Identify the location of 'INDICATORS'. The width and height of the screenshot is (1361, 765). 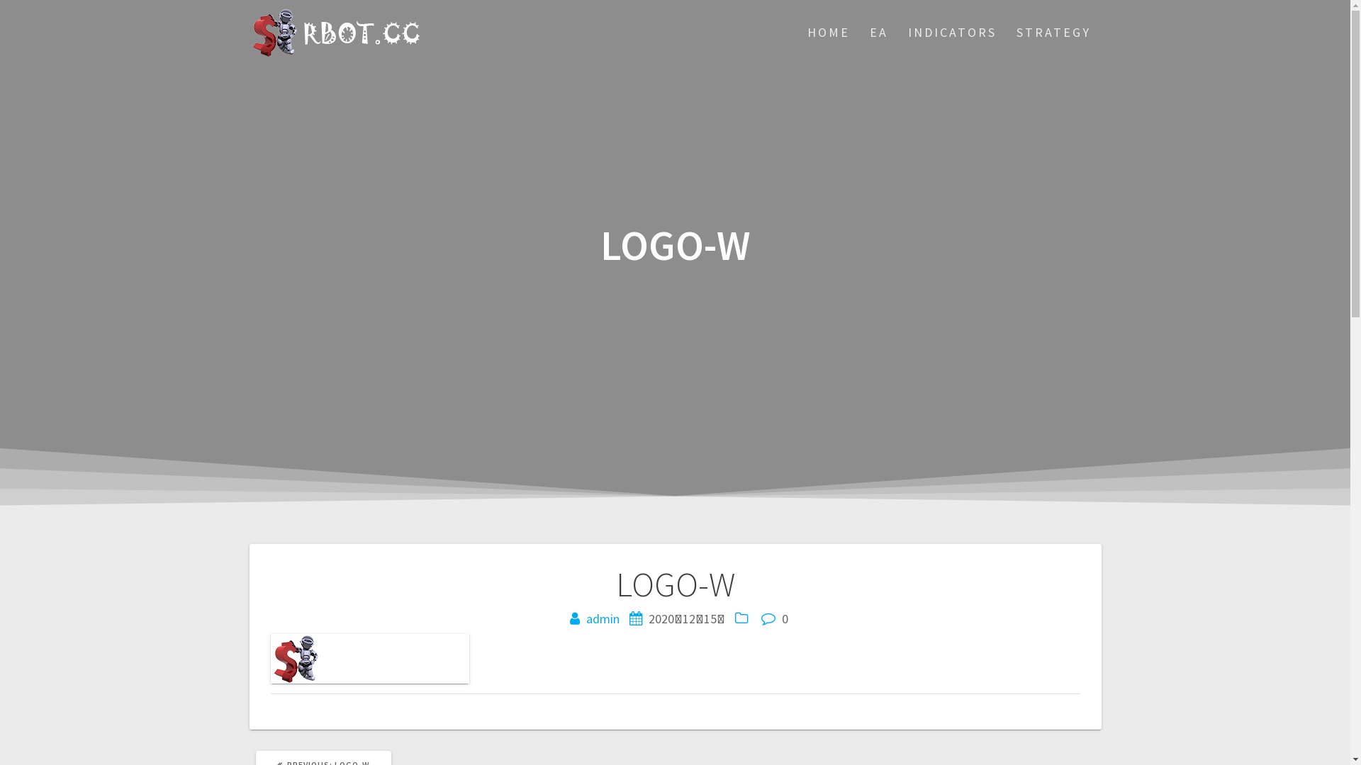
(908, 32).